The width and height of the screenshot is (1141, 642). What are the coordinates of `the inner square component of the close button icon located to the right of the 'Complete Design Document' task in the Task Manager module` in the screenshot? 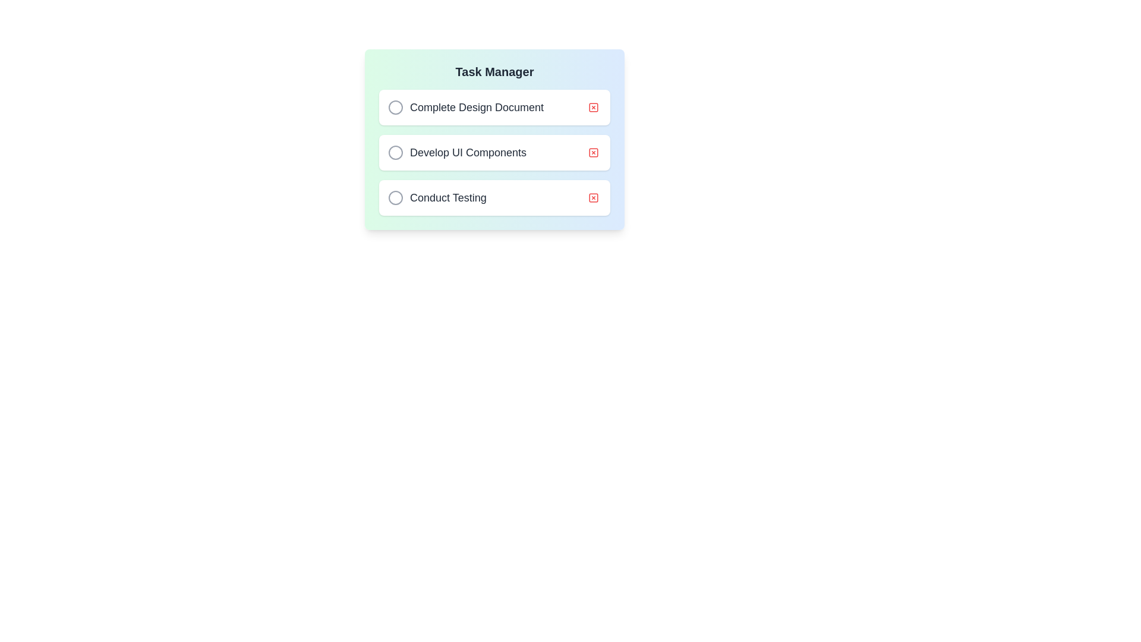 It's located at (593, 108).